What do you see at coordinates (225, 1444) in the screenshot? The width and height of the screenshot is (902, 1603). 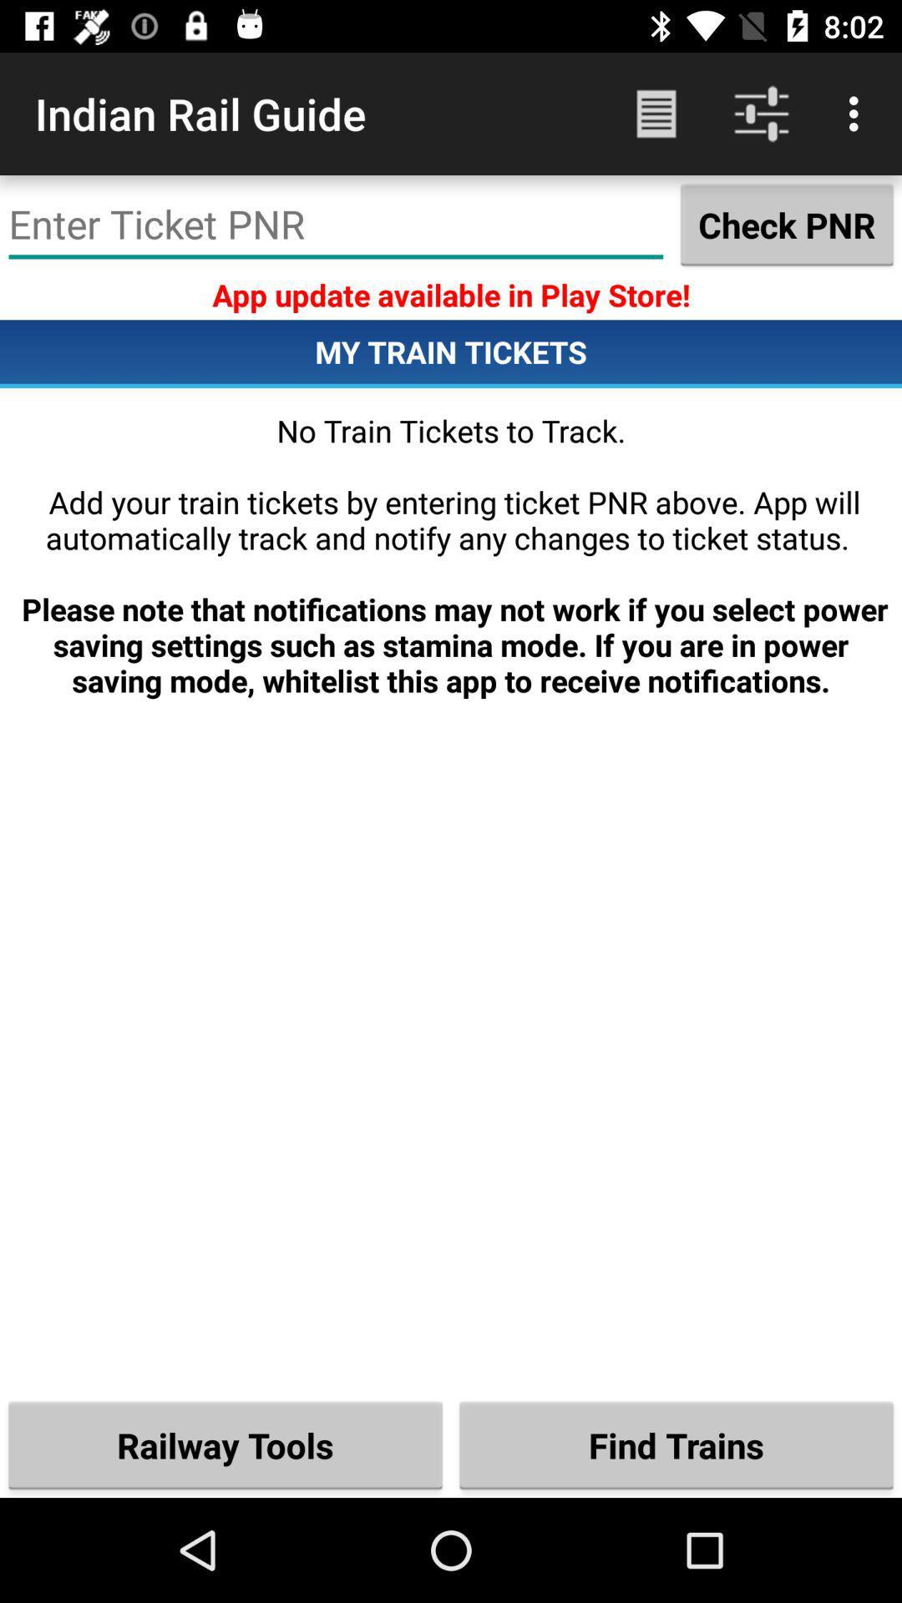 I see `railway tools item` at bounding box center [225, 1444].